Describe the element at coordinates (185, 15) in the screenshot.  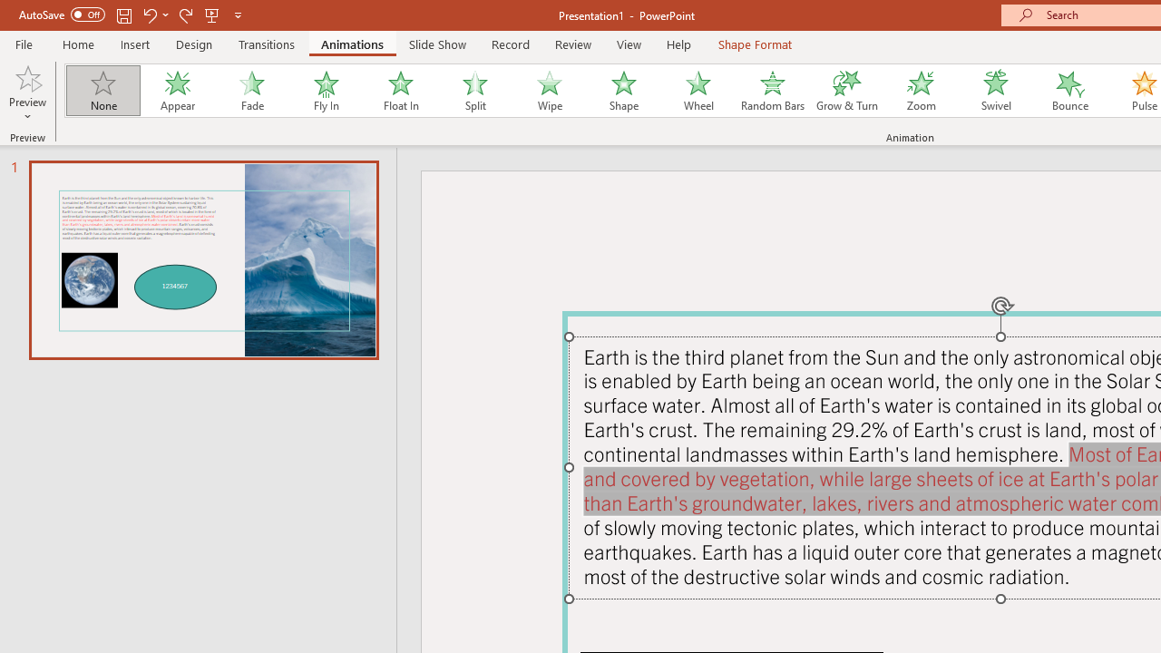
I see `'Redo'` at that location.